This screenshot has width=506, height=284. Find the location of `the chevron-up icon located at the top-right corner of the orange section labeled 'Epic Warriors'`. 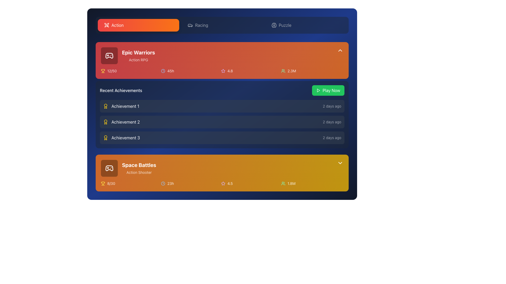

the chevron-up icon located at the top-right corner of the orange section labeled 'Epic Warriors' is located at coordinates (340, 50).